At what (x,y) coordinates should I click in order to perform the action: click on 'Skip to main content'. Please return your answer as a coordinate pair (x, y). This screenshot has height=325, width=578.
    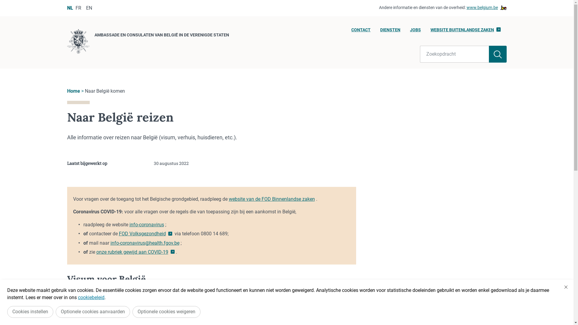
    Looking at the image, I should click on (3, 2).